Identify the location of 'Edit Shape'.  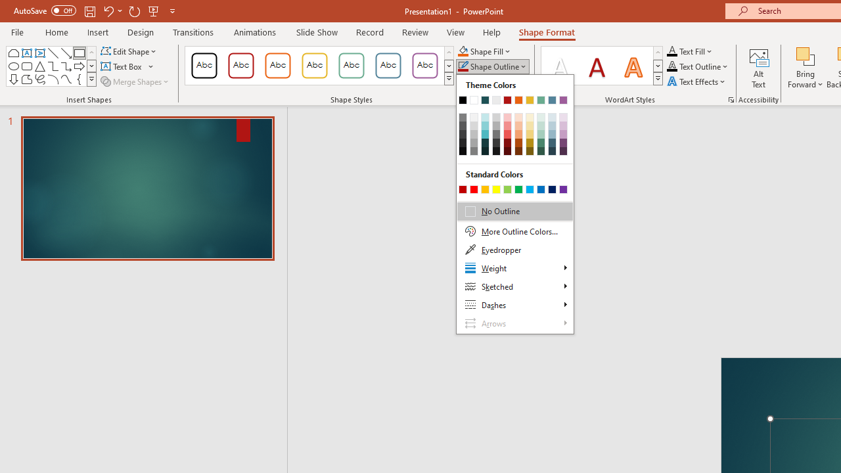
(129, 51).